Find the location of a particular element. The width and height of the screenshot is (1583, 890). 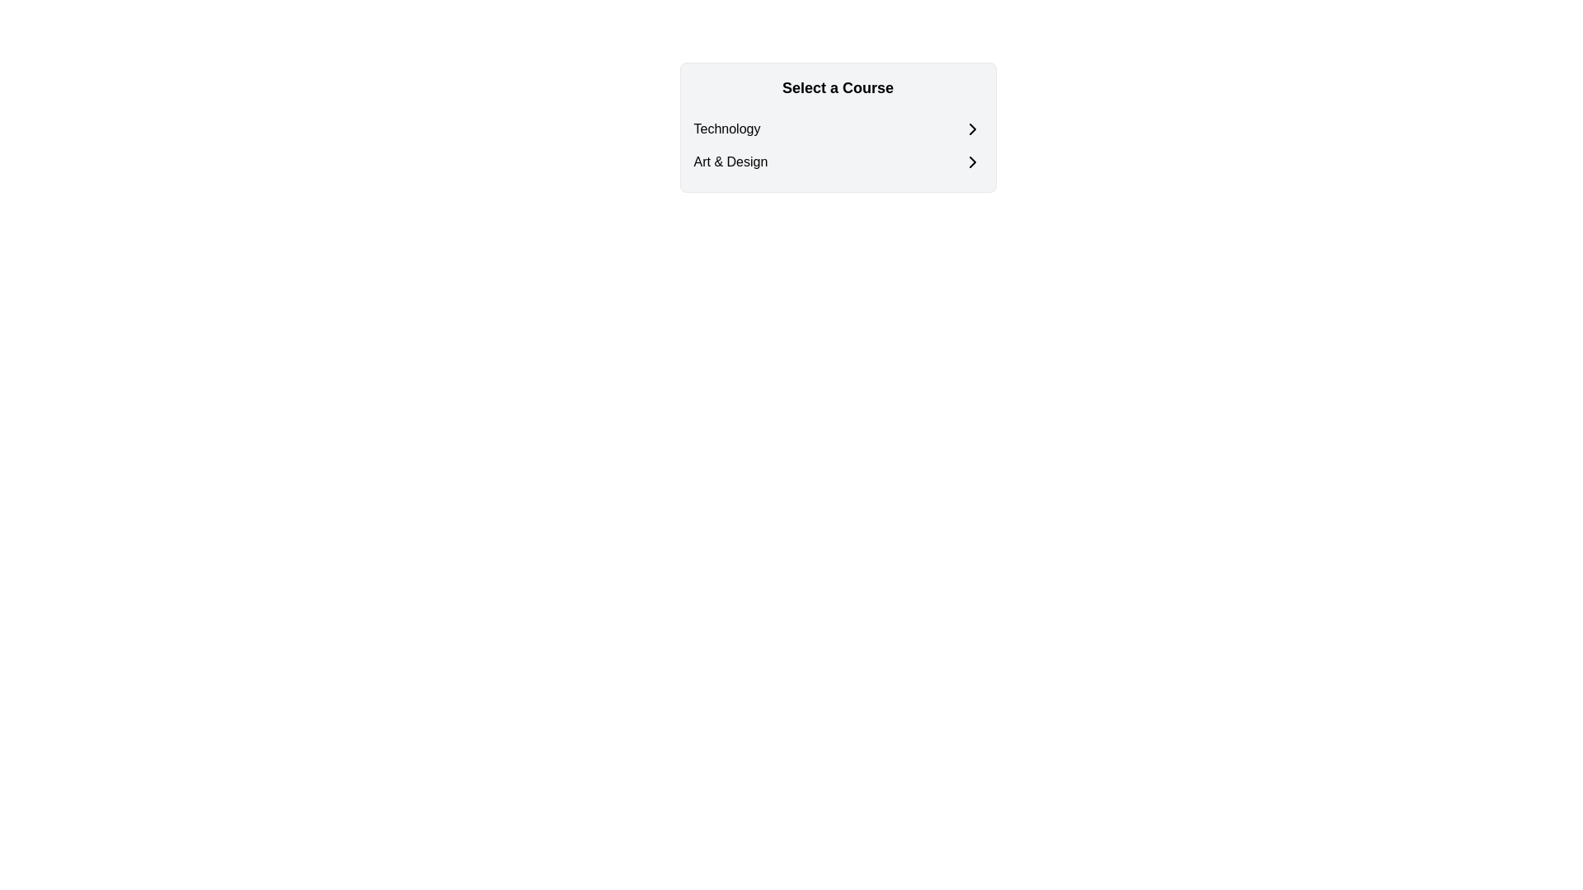

the text label displaying 'Technology' is located at coordinates (726, 129).